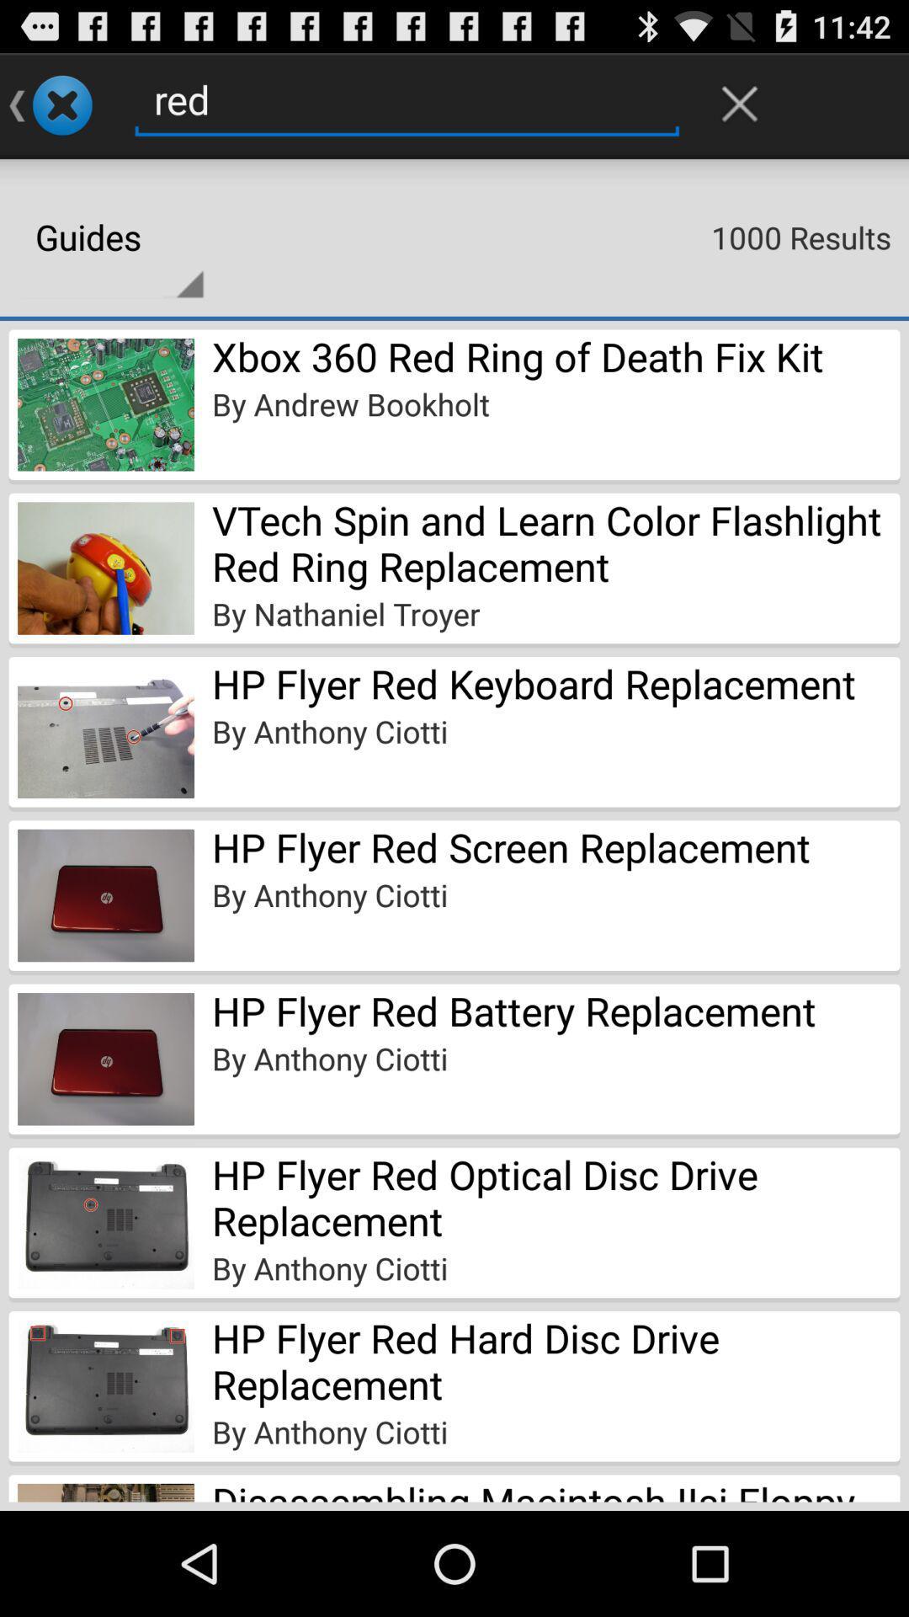  I want to click on the disassembling macintosh iisi app, so click(555, 1488).